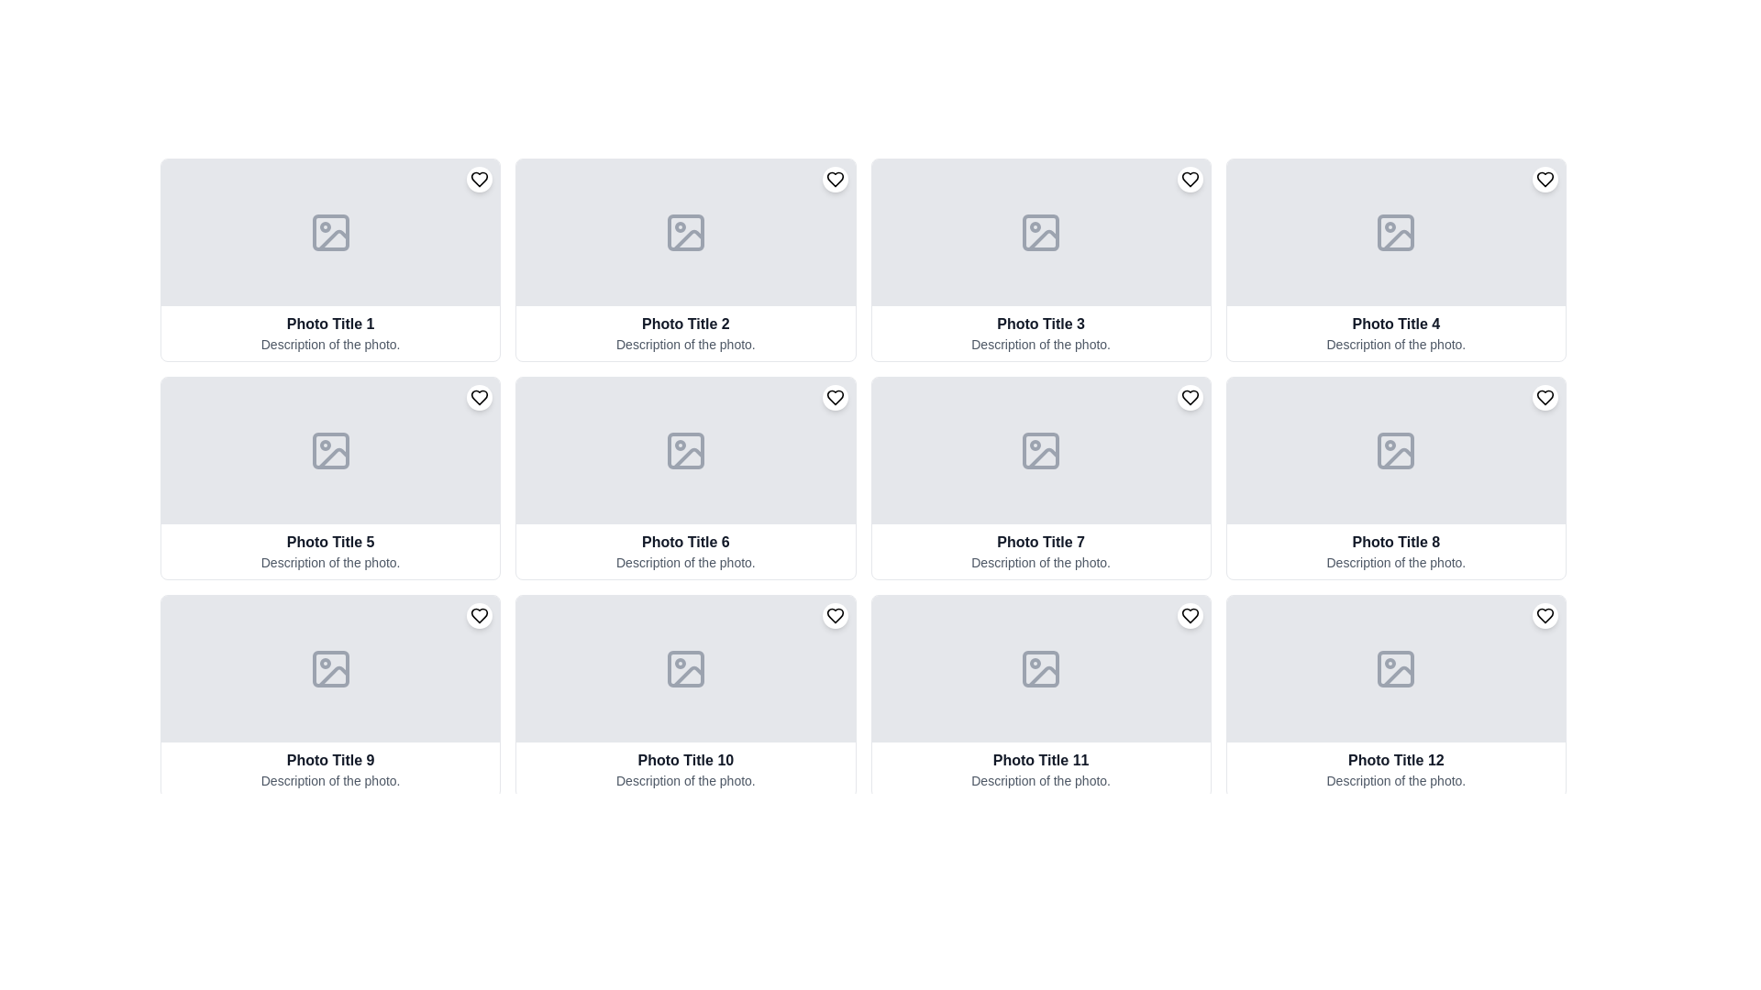 Image resolution: width=1761 pixels, height=990 pixels. I want to click on the small circular favorite button with a black heart icon located at the top-right corner of the card labeled 'Photo Title 3' to like the item, so click(1190, 180).